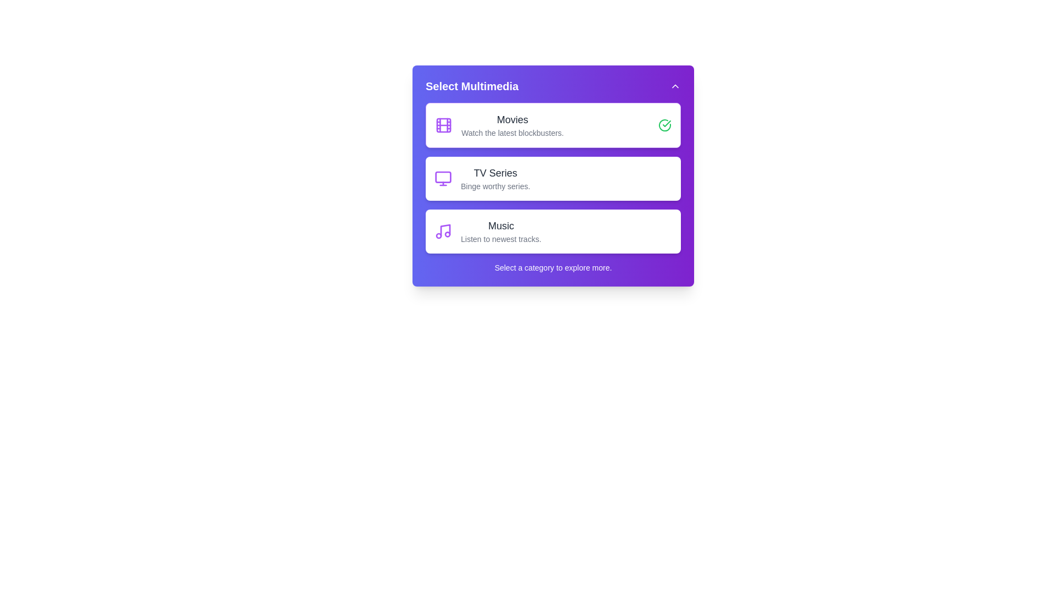  I want to click on the multimedia category TV Series by clicking on its respective card, so click(553, 178).